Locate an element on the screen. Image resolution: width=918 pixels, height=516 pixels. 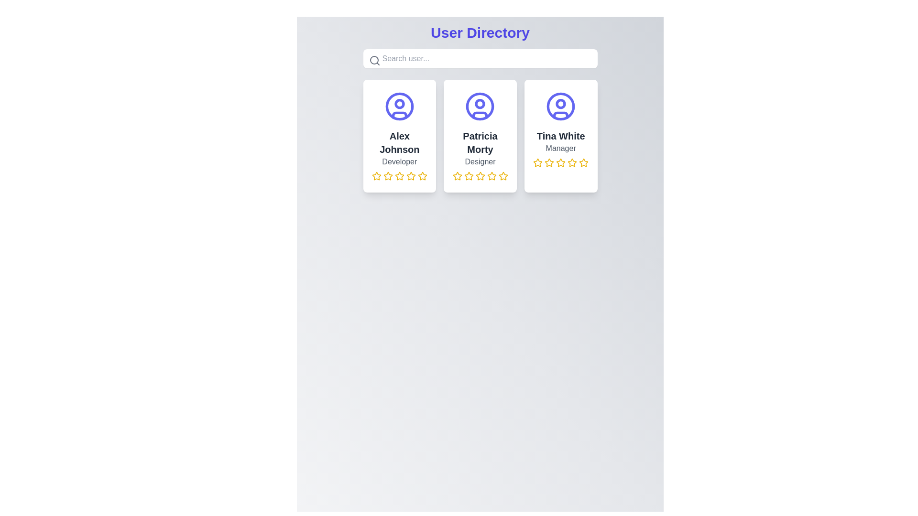
the circular indigo icon depicting a user silhouette, which is located at the top of the third card in the user directory grid is located at coordinates (561, 107).